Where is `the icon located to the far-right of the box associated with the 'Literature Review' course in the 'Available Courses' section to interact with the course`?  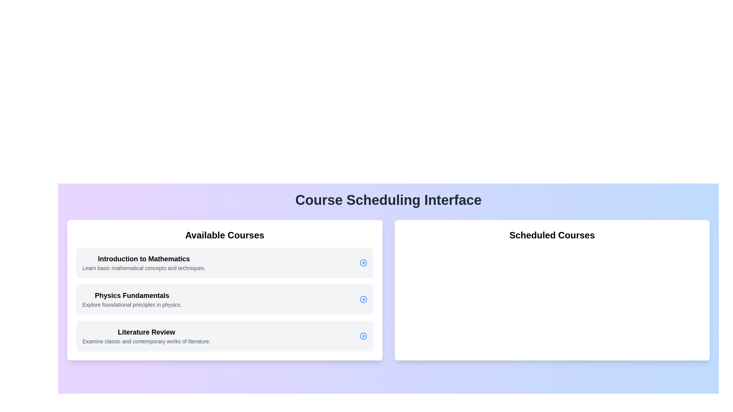 the icon located to the far-right of the box associated with the 'Literature Review' course in the 'Available Courses' section to interact with the course is located at coordinates (363, 335).